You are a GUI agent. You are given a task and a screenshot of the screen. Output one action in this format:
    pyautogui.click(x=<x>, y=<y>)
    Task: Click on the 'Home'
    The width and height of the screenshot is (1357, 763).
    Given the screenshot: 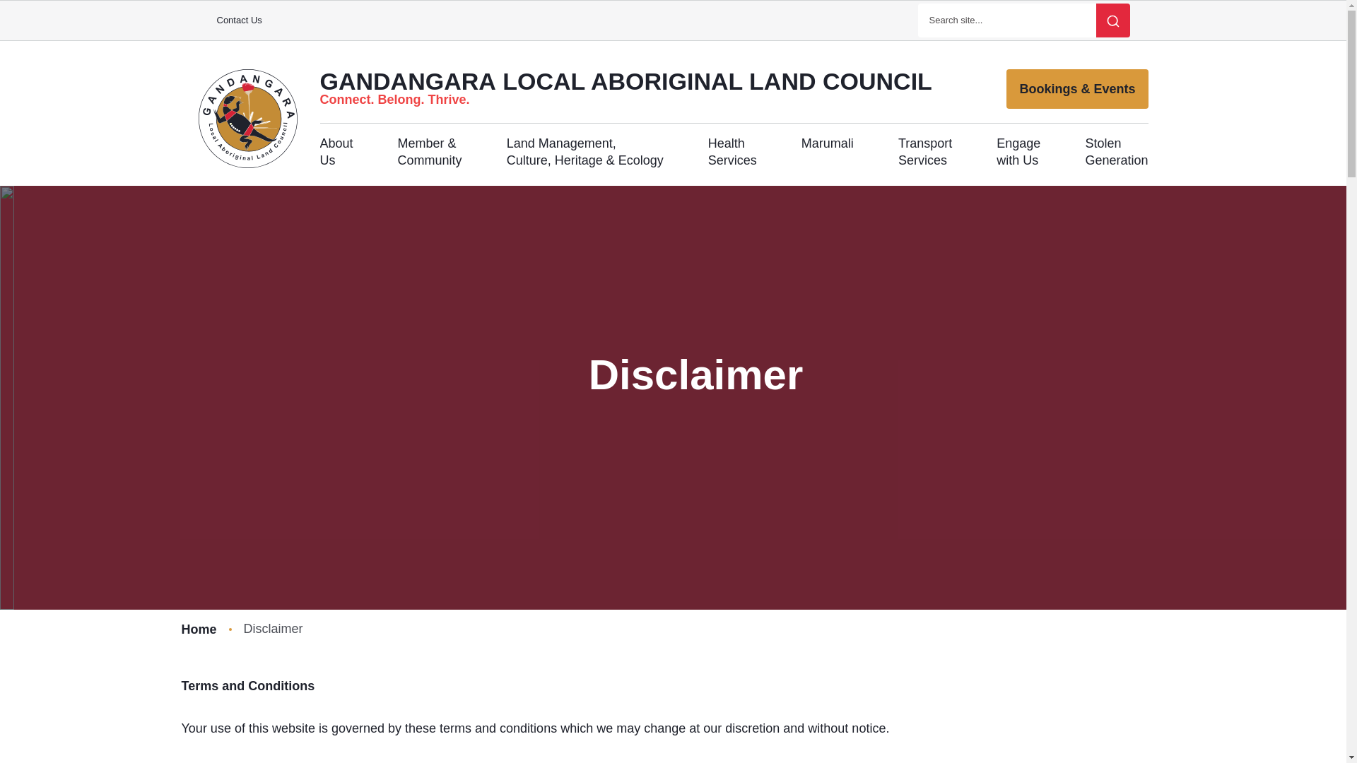 What is the action you would take?
    pyautogui.click(x=198, y=629)
    